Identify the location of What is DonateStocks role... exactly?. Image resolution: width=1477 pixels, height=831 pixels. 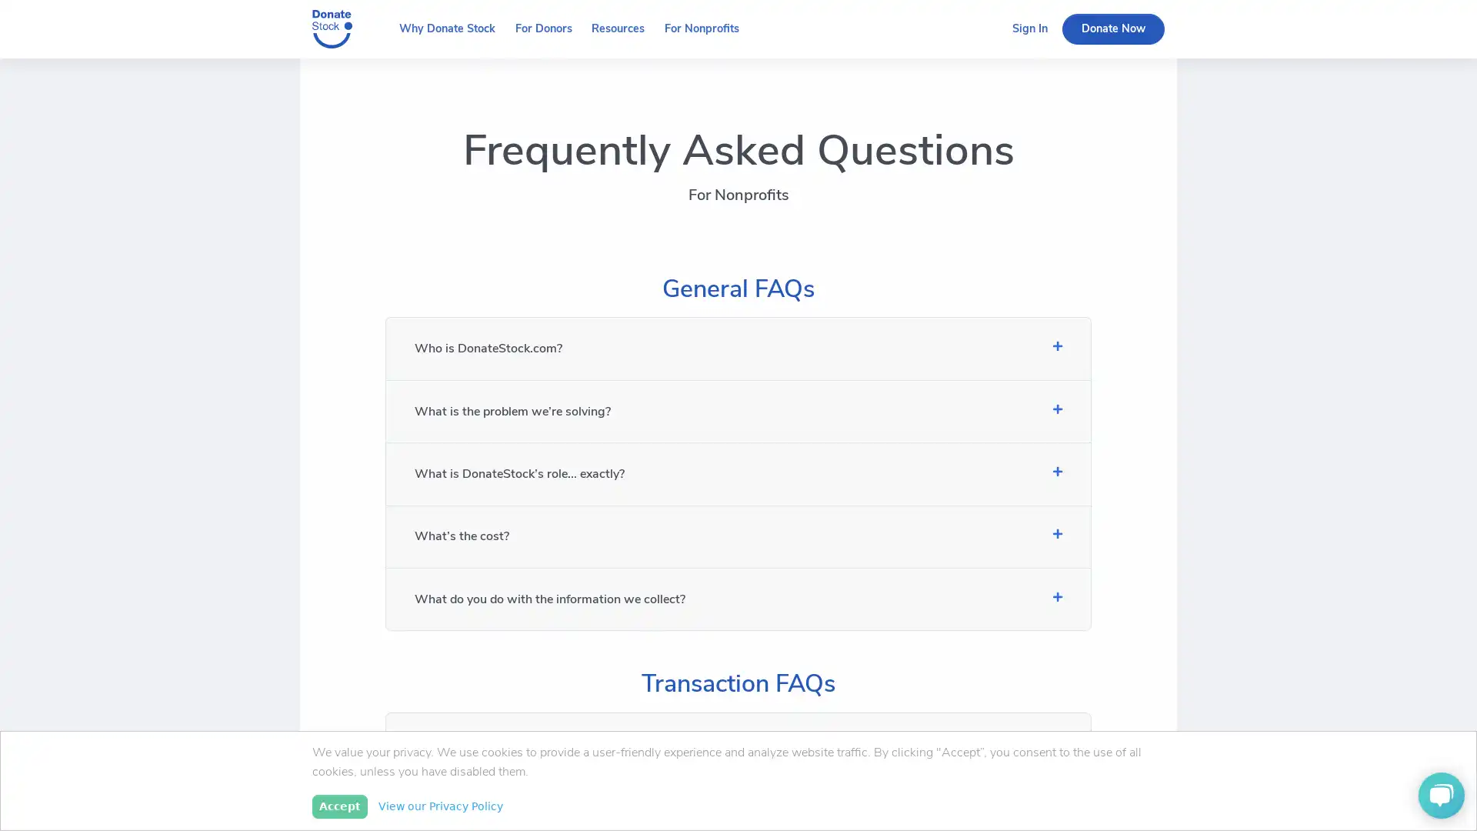
(737, 473).